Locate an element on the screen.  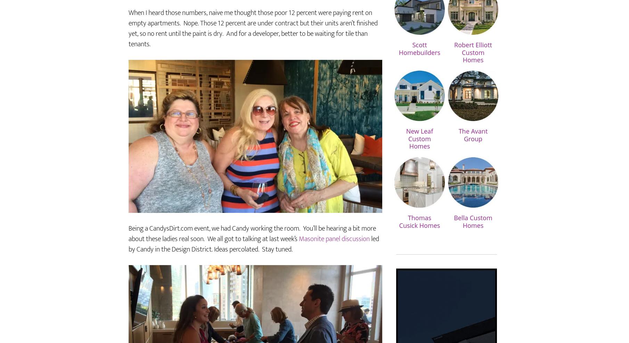
'When I heard those numbers, naive me thought those poor 12 percent were paying rent on empty apartments.  Nope. Those 12 percent are under contract but their units aren’t finished yet, so no rent until the paint is dry.  And for a developer, better to be waiting for tile than tenants.' is located at coordinates (253, 49).